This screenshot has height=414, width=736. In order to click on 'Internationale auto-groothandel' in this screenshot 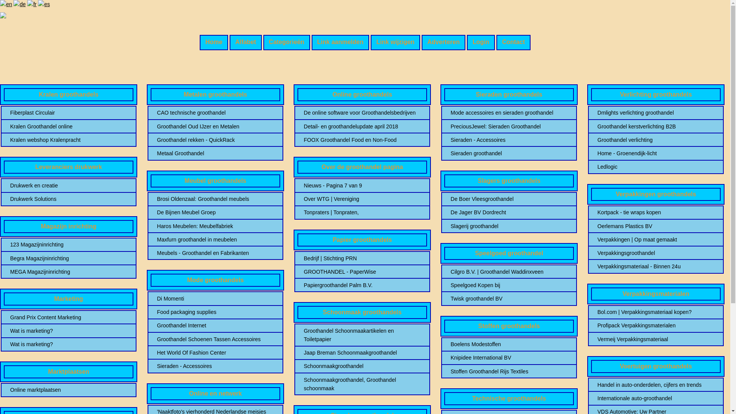, I will do `click(655, 398)`.